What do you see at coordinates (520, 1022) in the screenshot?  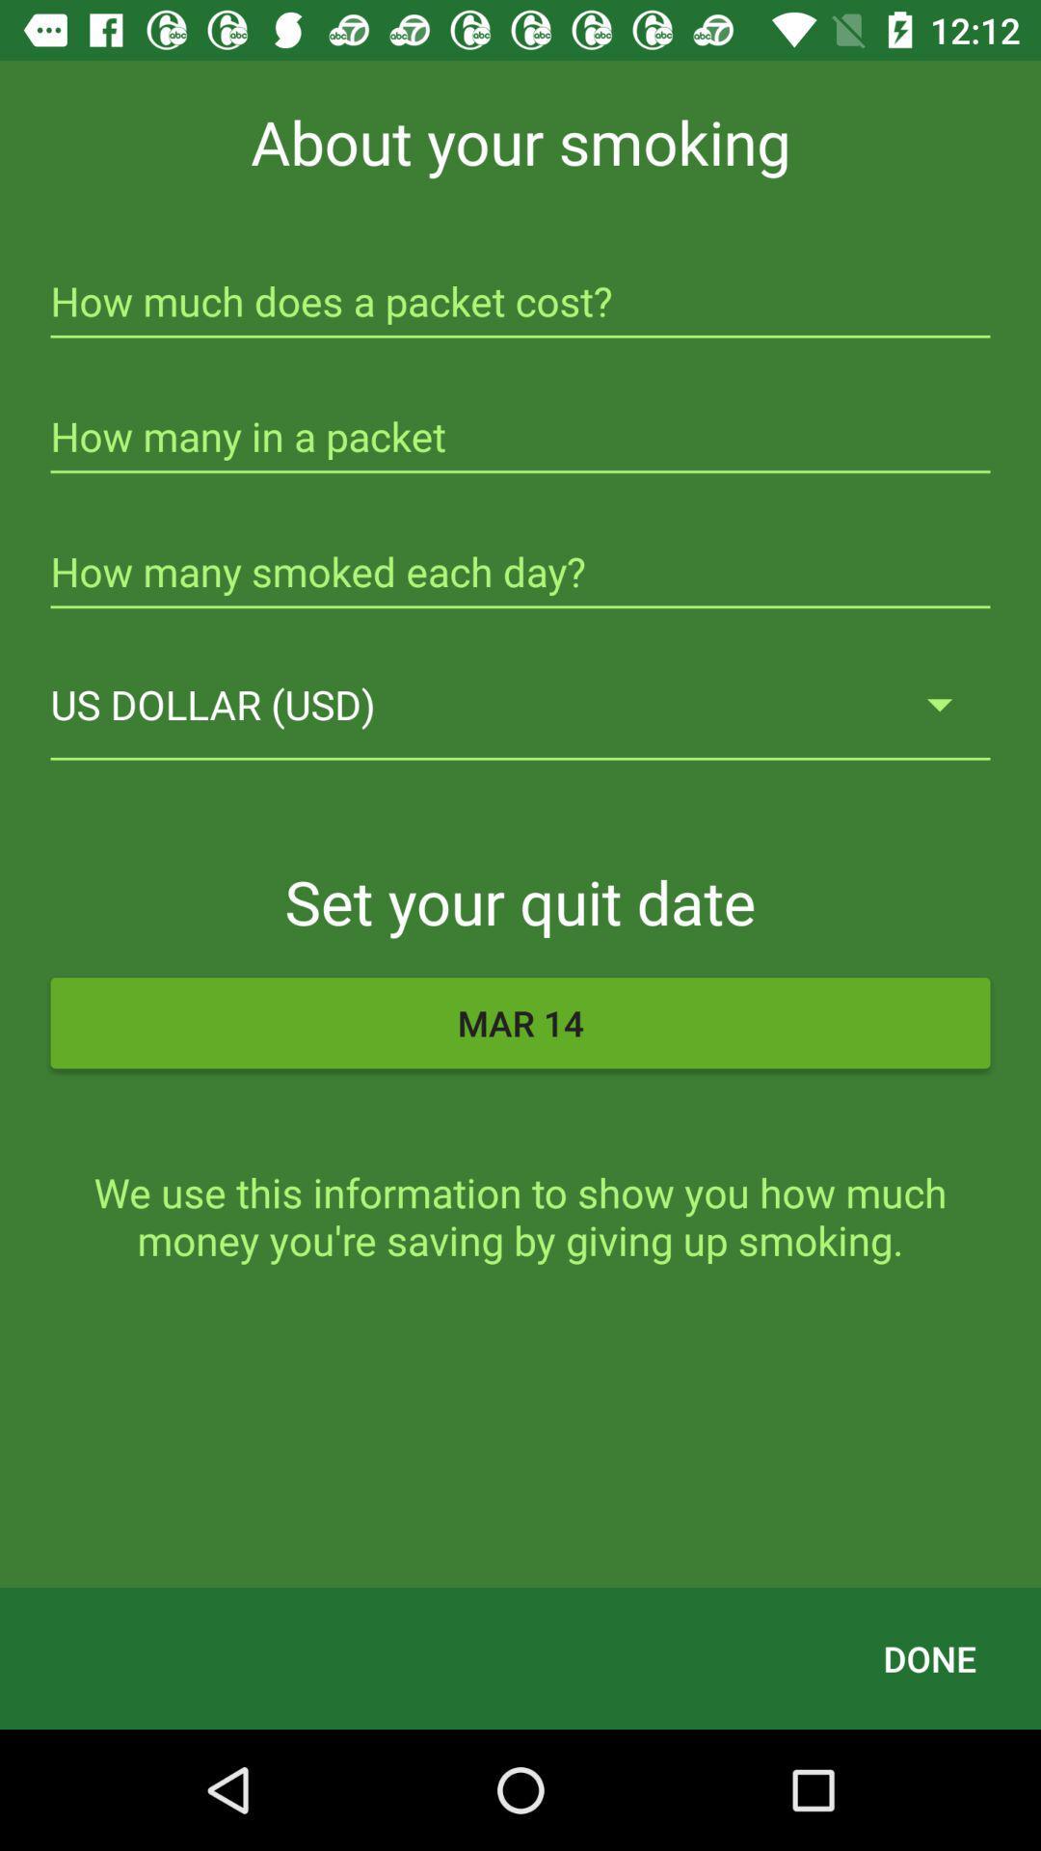 I see `icon below the set your quit icon` at bounding box center [520, 1022].